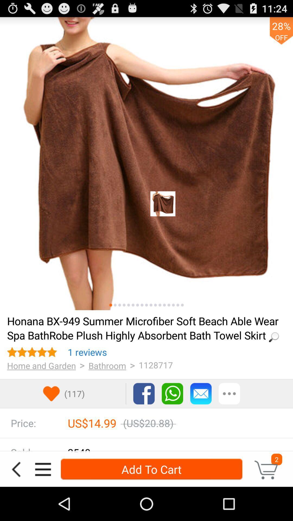 The width and height of the screenshot is (293, 521). What do you see at coordinates (87, 352) in the screenshot?
I see `item above > app` at bounding box center [87, 352].